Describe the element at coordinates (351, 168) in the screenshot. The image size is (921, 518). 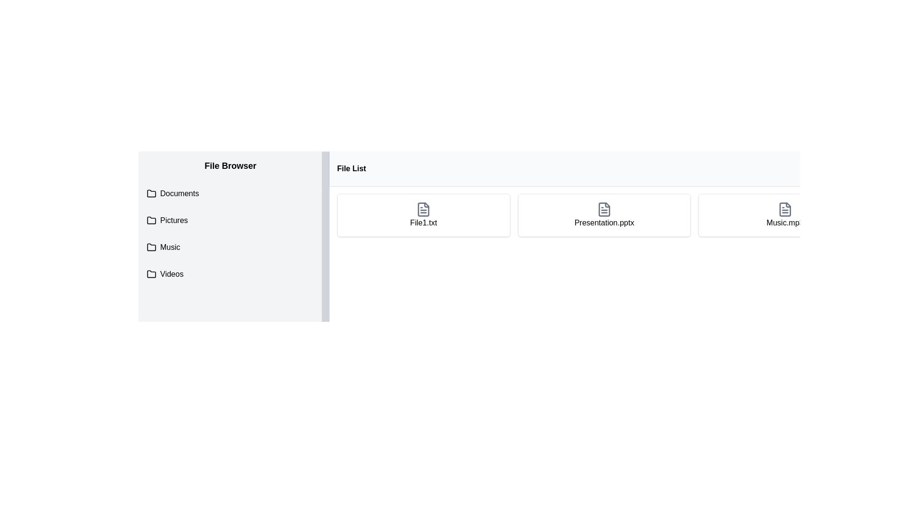
I see `the text label that serves as a heading for the section indicating the contents below pertain to a list of files, positioned in the top-left section of a light gray header bar, to the left of the 'New File' button` at that location.